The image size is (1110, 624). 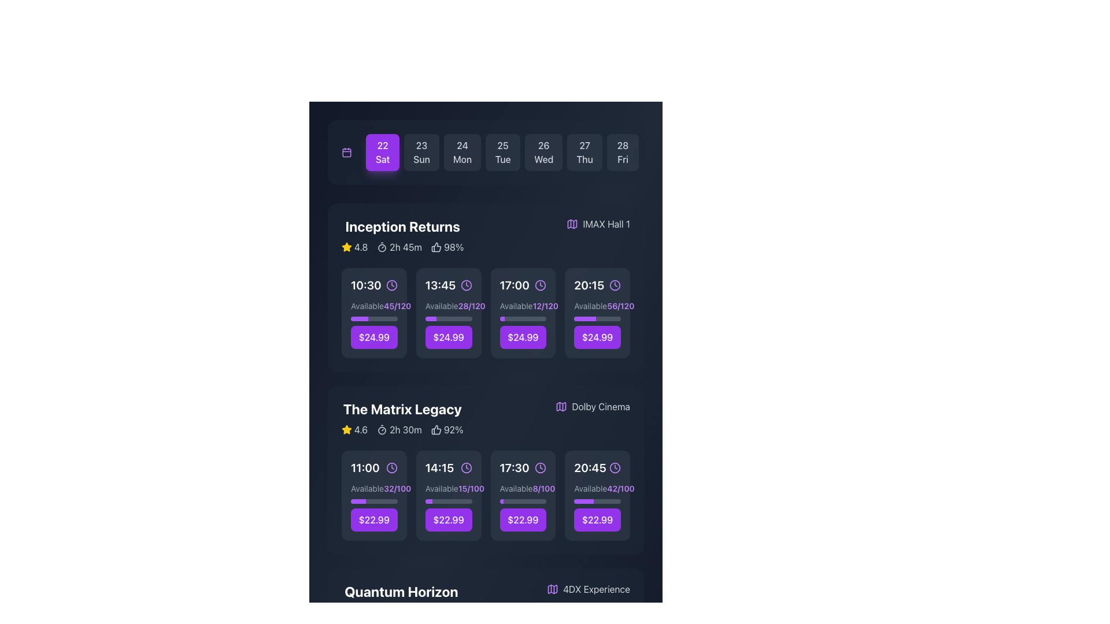 What do you see at coordinates (528, 495) in the screenshot?
I see `the text label indicating the action of selecting seats for the '17:30' showtime of 'The Matrix Legacy' located within the button in the bottom right section of the card` at bounding box center [528, 495].